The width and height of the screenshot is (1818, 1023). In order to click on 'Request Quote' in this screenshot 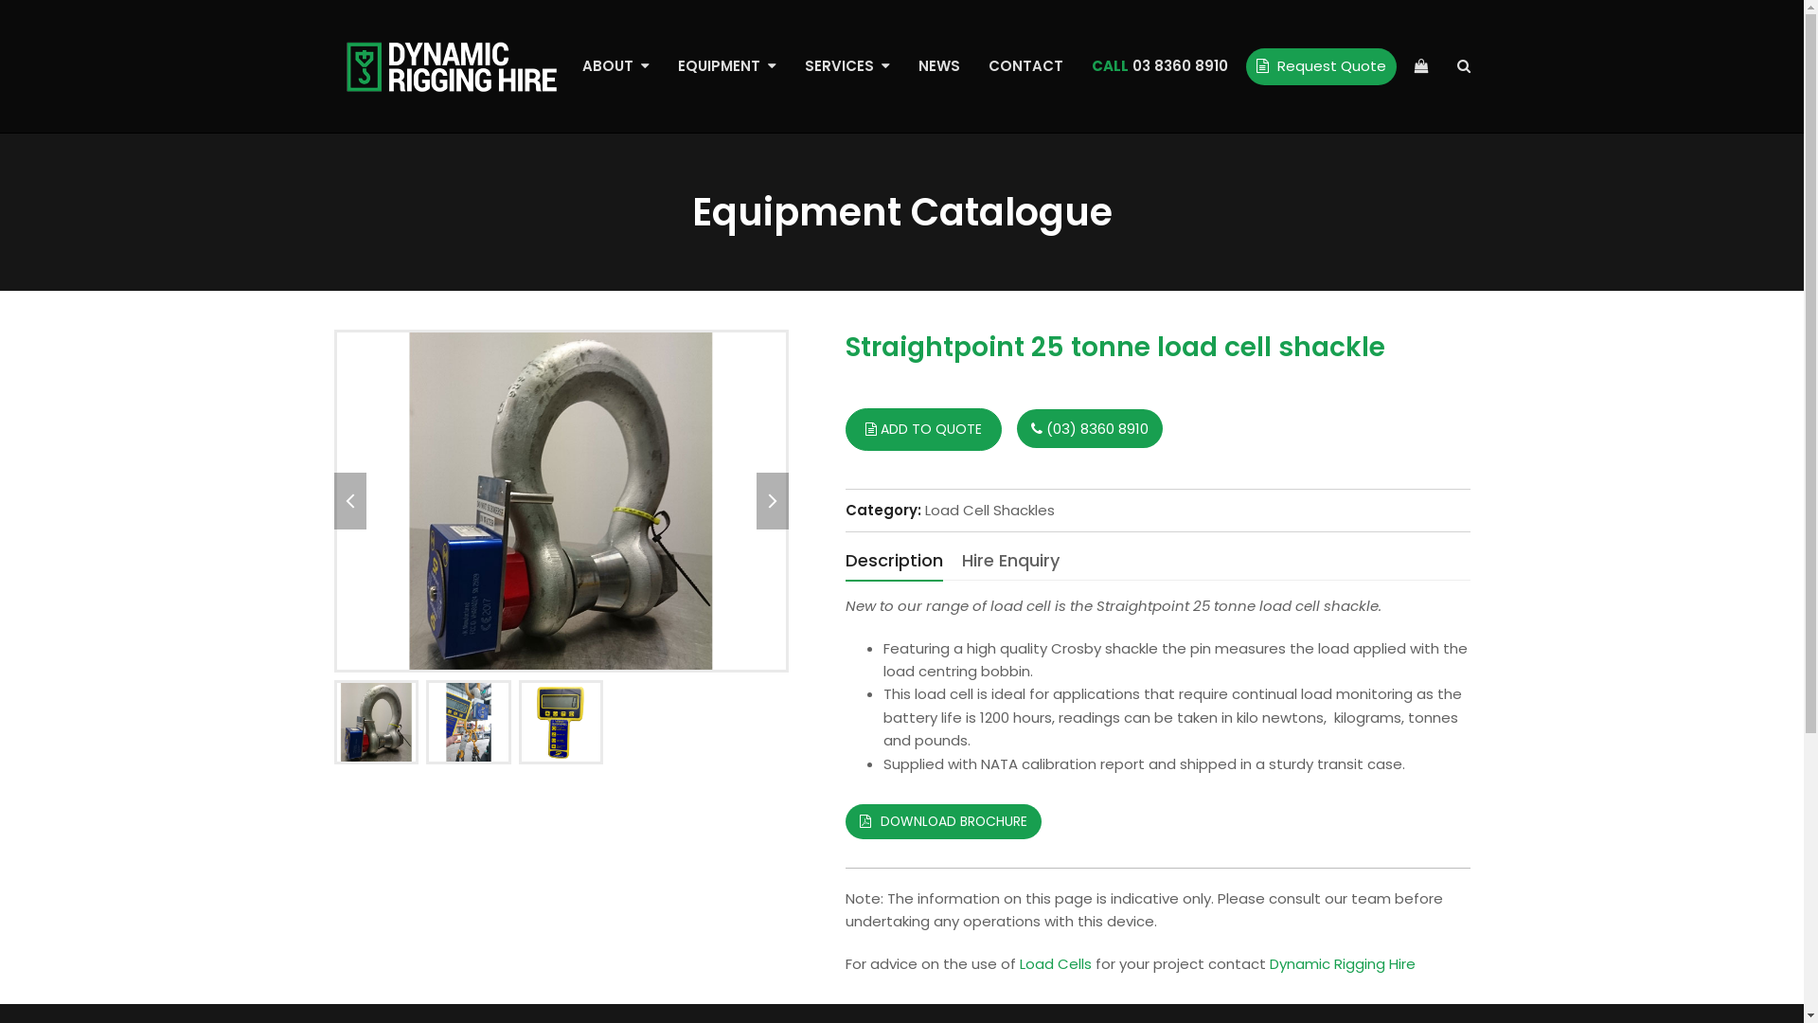, I will do `click(1320, 64)`.